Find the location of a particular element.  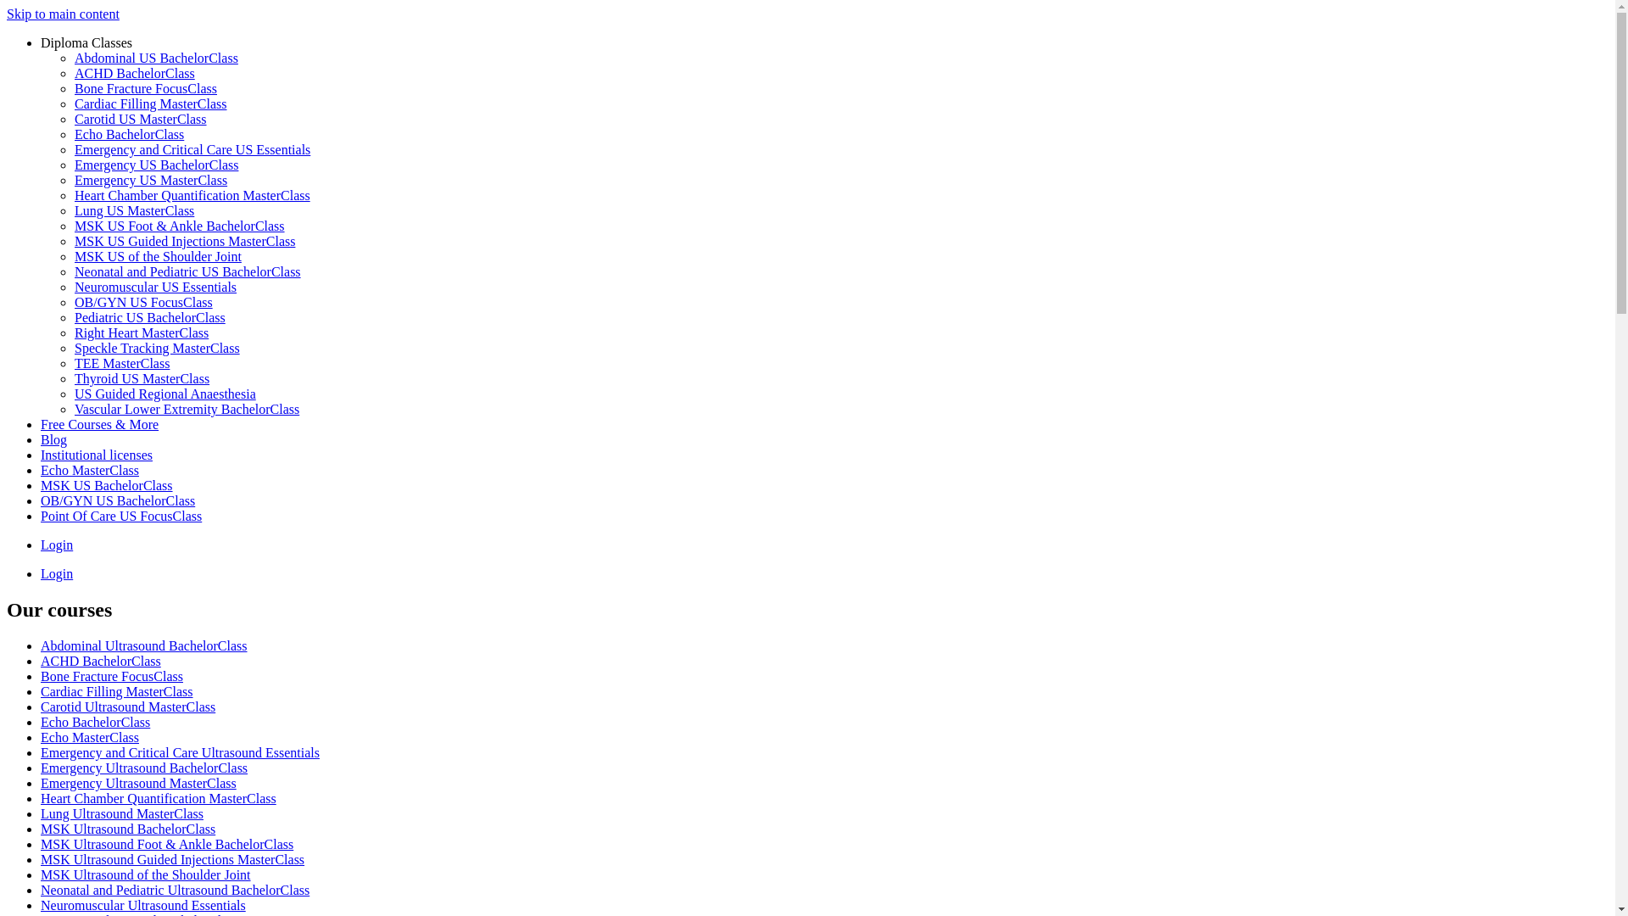

'Lung US MasterClass' is located at coordinates (133, 209).